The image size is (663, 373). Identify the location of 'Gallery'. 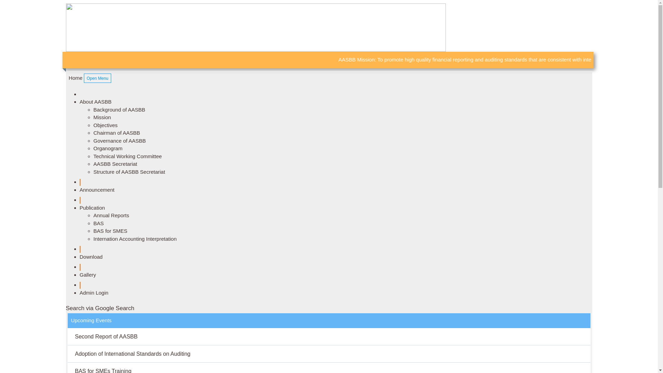
(79, 274).